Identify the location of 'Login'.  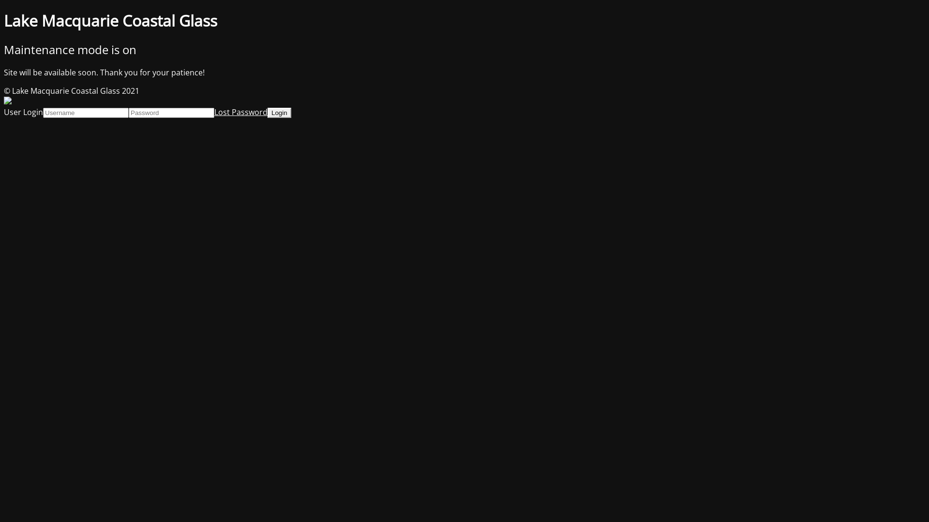
(279, 112).